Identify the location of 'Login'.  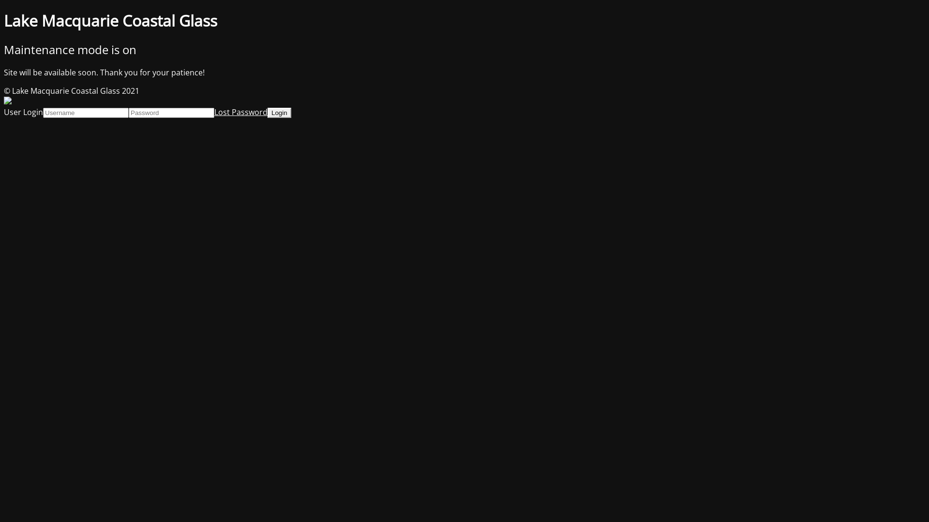
(279, 112).